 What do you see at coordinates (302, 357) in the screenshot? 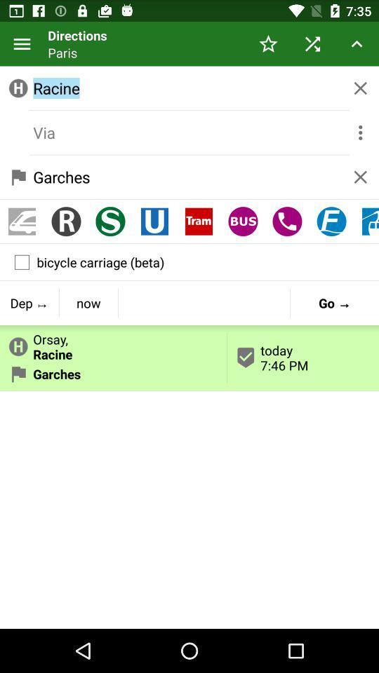
I see `the today 7 46` at bounding box center [302, 357].